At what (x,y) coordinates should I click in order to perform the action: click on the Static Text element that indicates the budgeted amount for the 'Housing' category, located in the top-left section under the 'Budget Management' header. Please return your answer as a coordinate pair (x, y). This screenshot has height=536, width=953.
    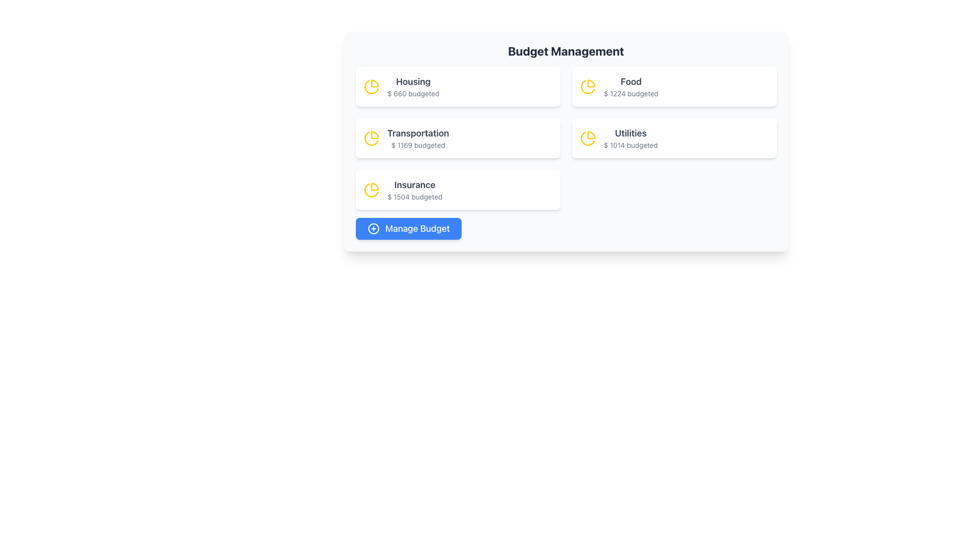
    Looking at the image, I should click on (413, 94).